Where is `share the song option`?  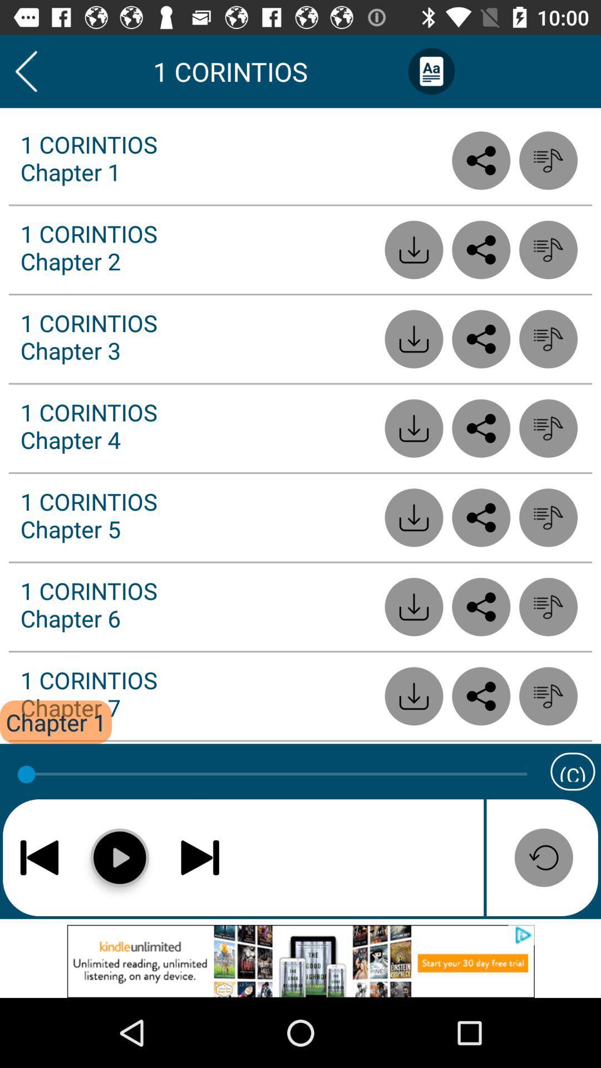
share the song option is located at coordinates (480, 606).